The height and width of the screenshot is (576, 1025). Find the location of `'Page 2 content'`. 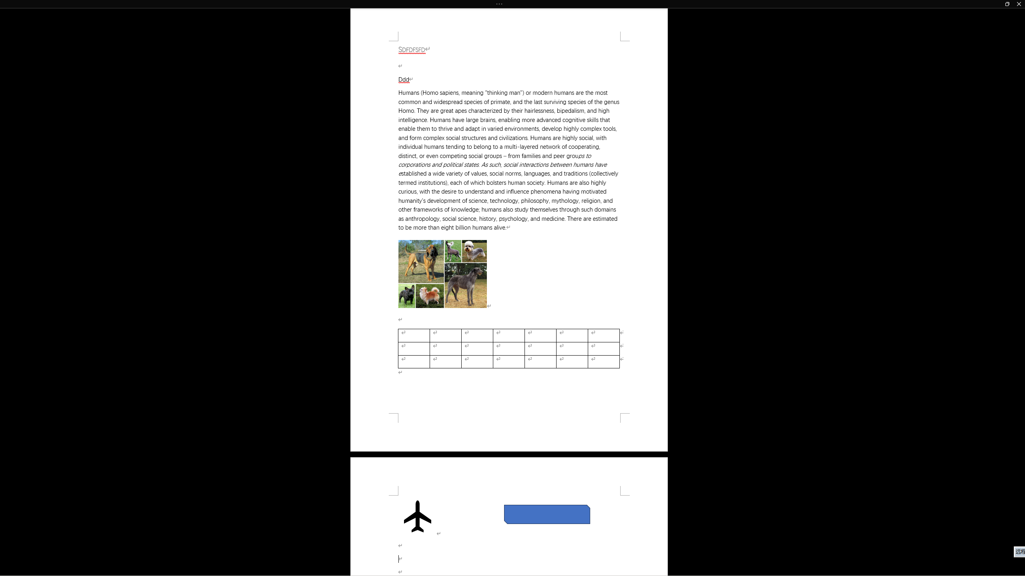

'Page 2 content' is located at coordinates (509, 535).